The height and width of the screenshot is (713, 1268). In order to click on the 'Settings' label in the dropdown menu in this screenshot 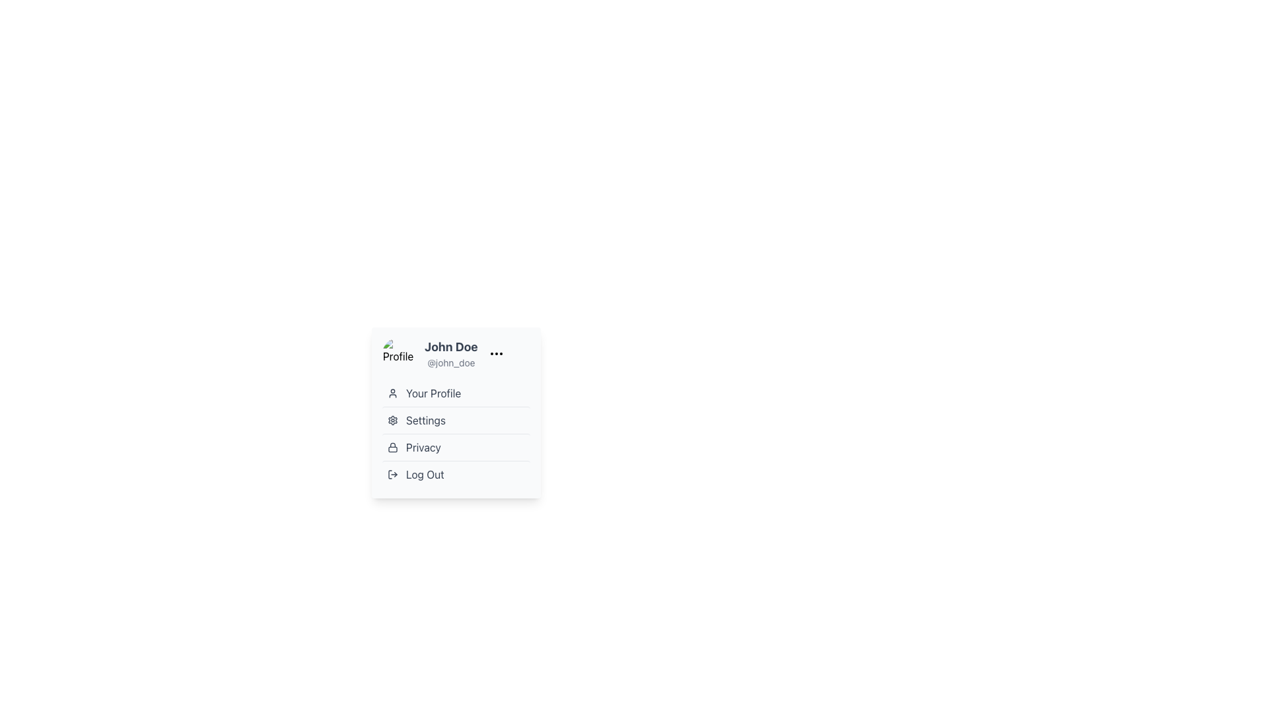, I will do `click(425, 420)`.